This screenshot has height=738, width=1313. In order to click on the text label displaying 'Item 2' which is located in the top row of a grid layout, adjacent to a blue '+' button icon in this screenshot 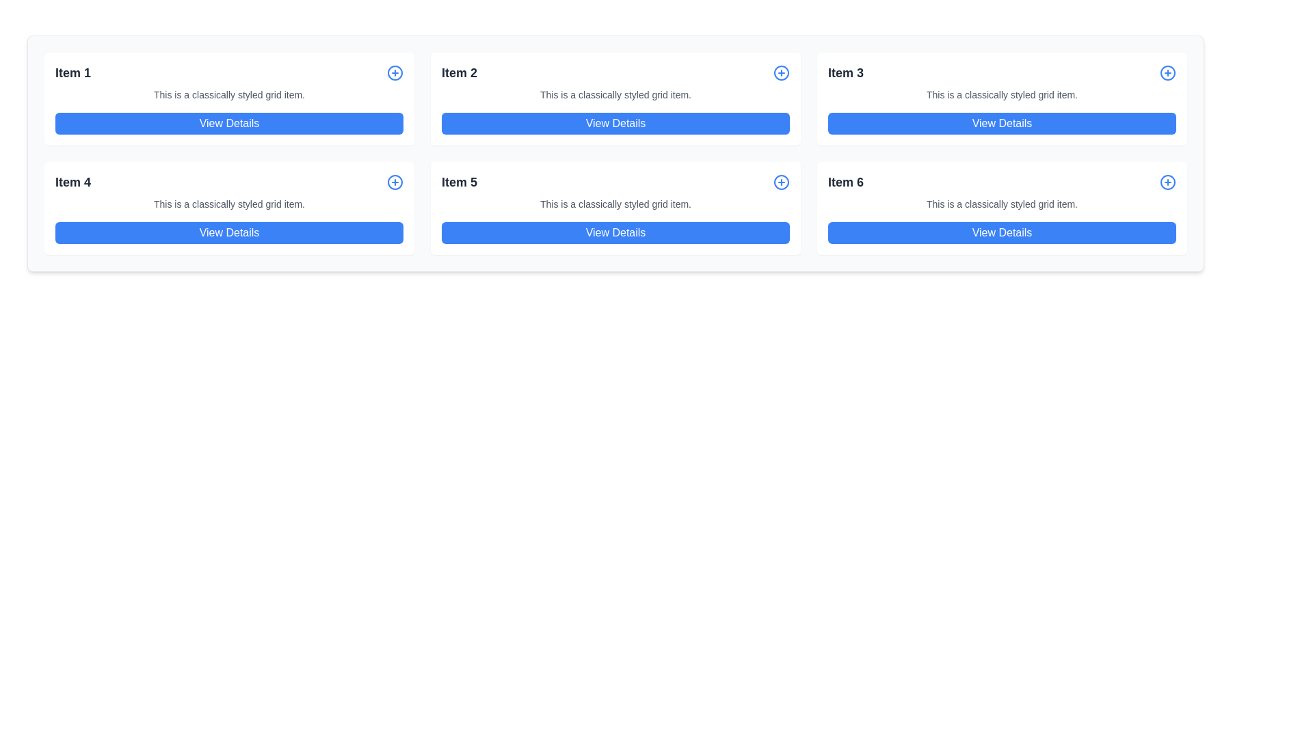, I will do `click(460, 73)`.